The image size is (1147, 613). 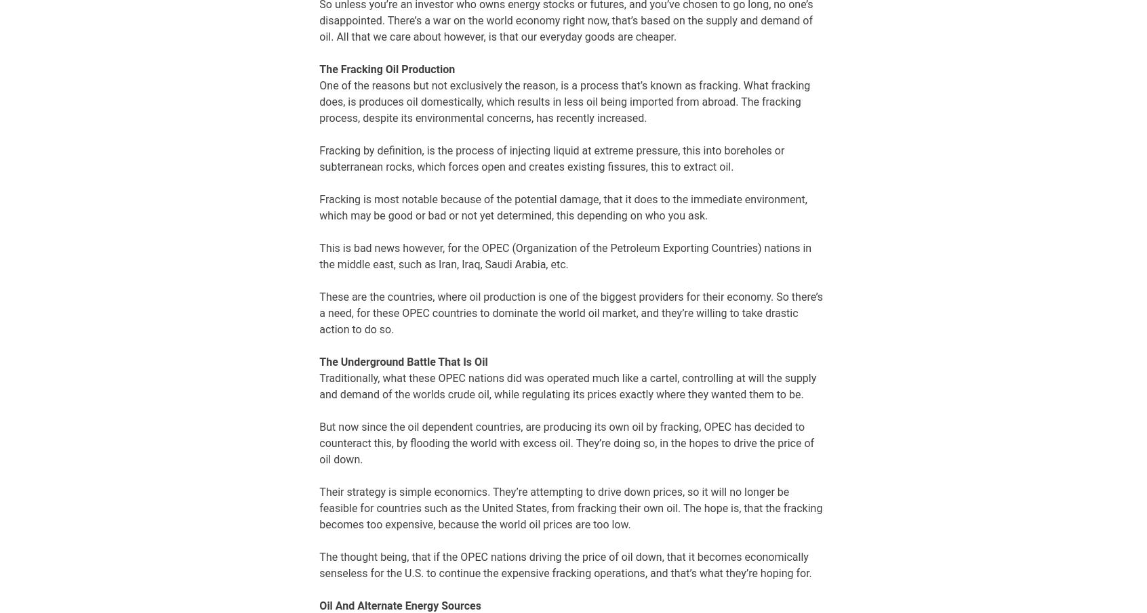 I want to click on 'Traditionally, what these OPEC nations did was operated much like a cartel, controlling at will the supply and demand of the worlds crude oil, while regulating its prices exactly where they wanted them to be.', so click(x=567, y=385).